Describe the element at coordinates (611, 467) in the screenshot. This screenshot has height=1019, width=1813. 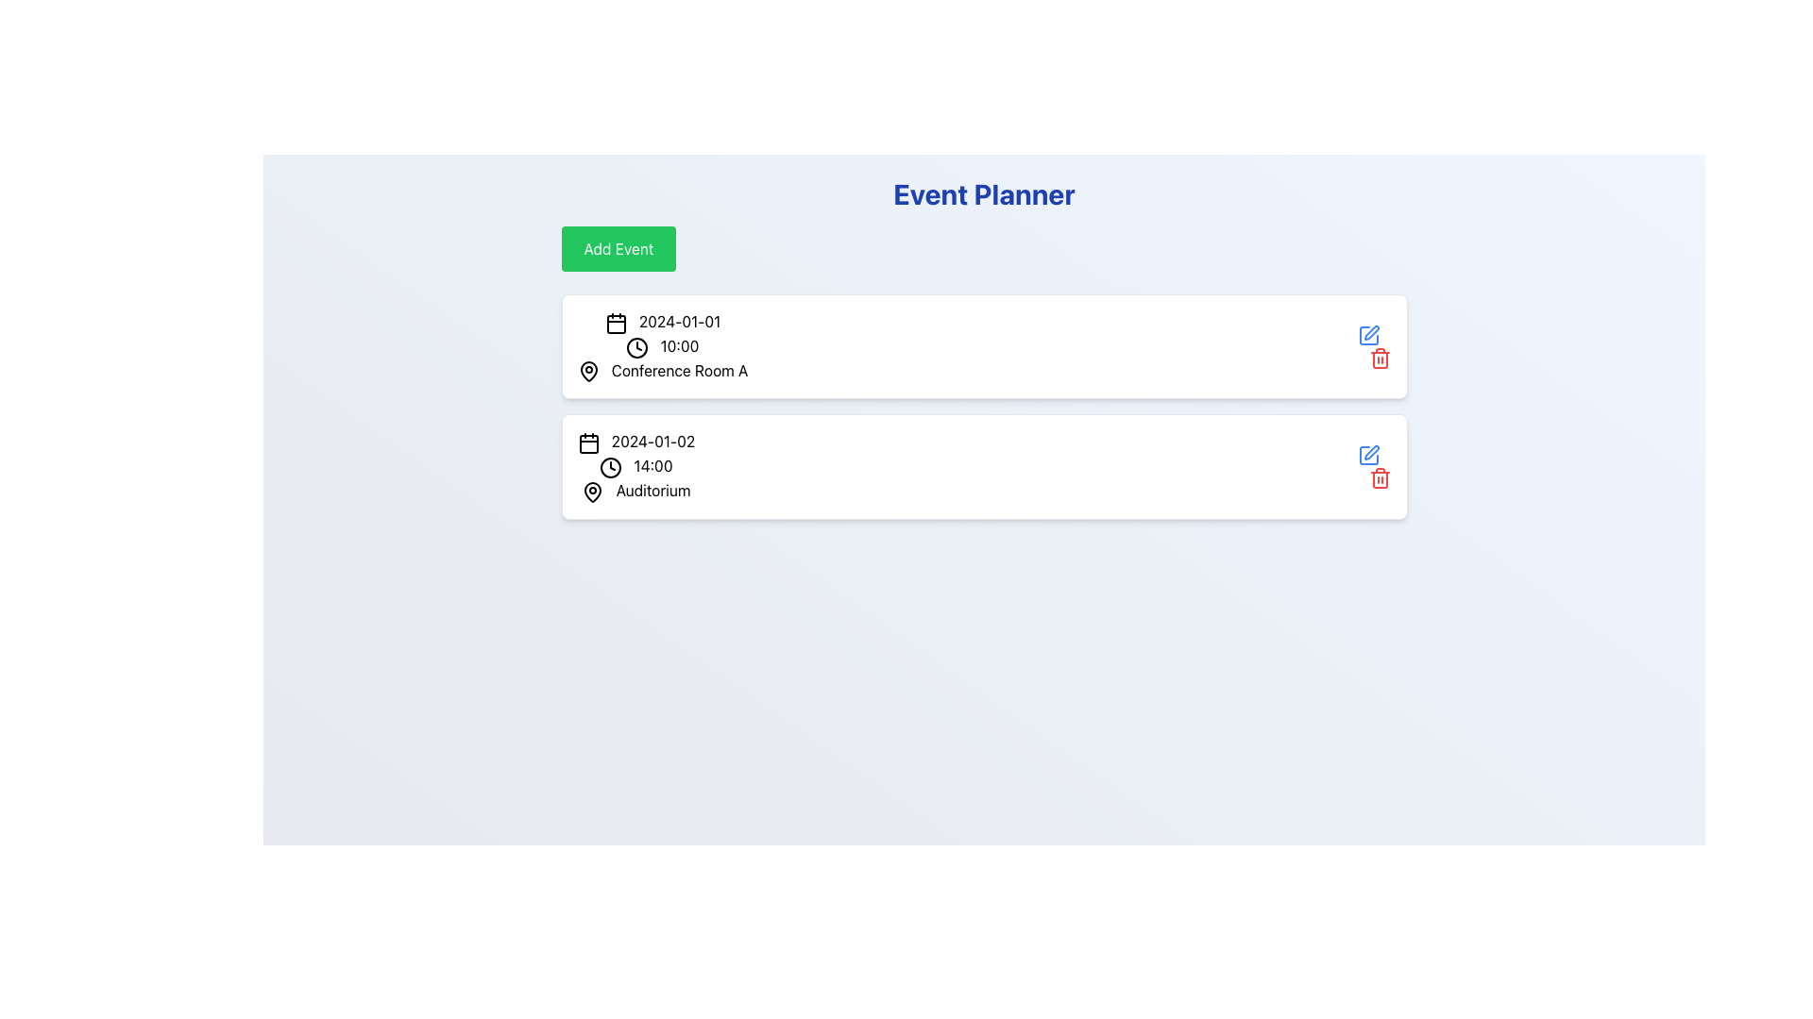
I see `the graphical decoration (circle) representing the outline of the clock face in the second event's time icon within the second event card` at that location.